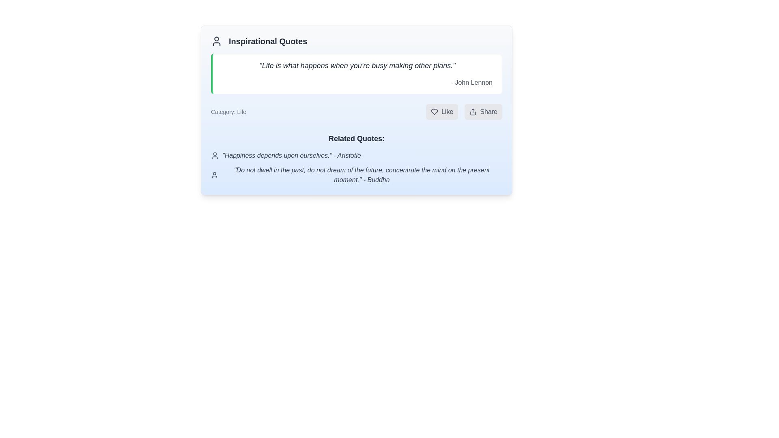  What do you see at coordinates (356, 138) in the screenshot?
I see `the text label header that serves as a section title for the related quotes displayed below it` at bounding box center [356, 138].